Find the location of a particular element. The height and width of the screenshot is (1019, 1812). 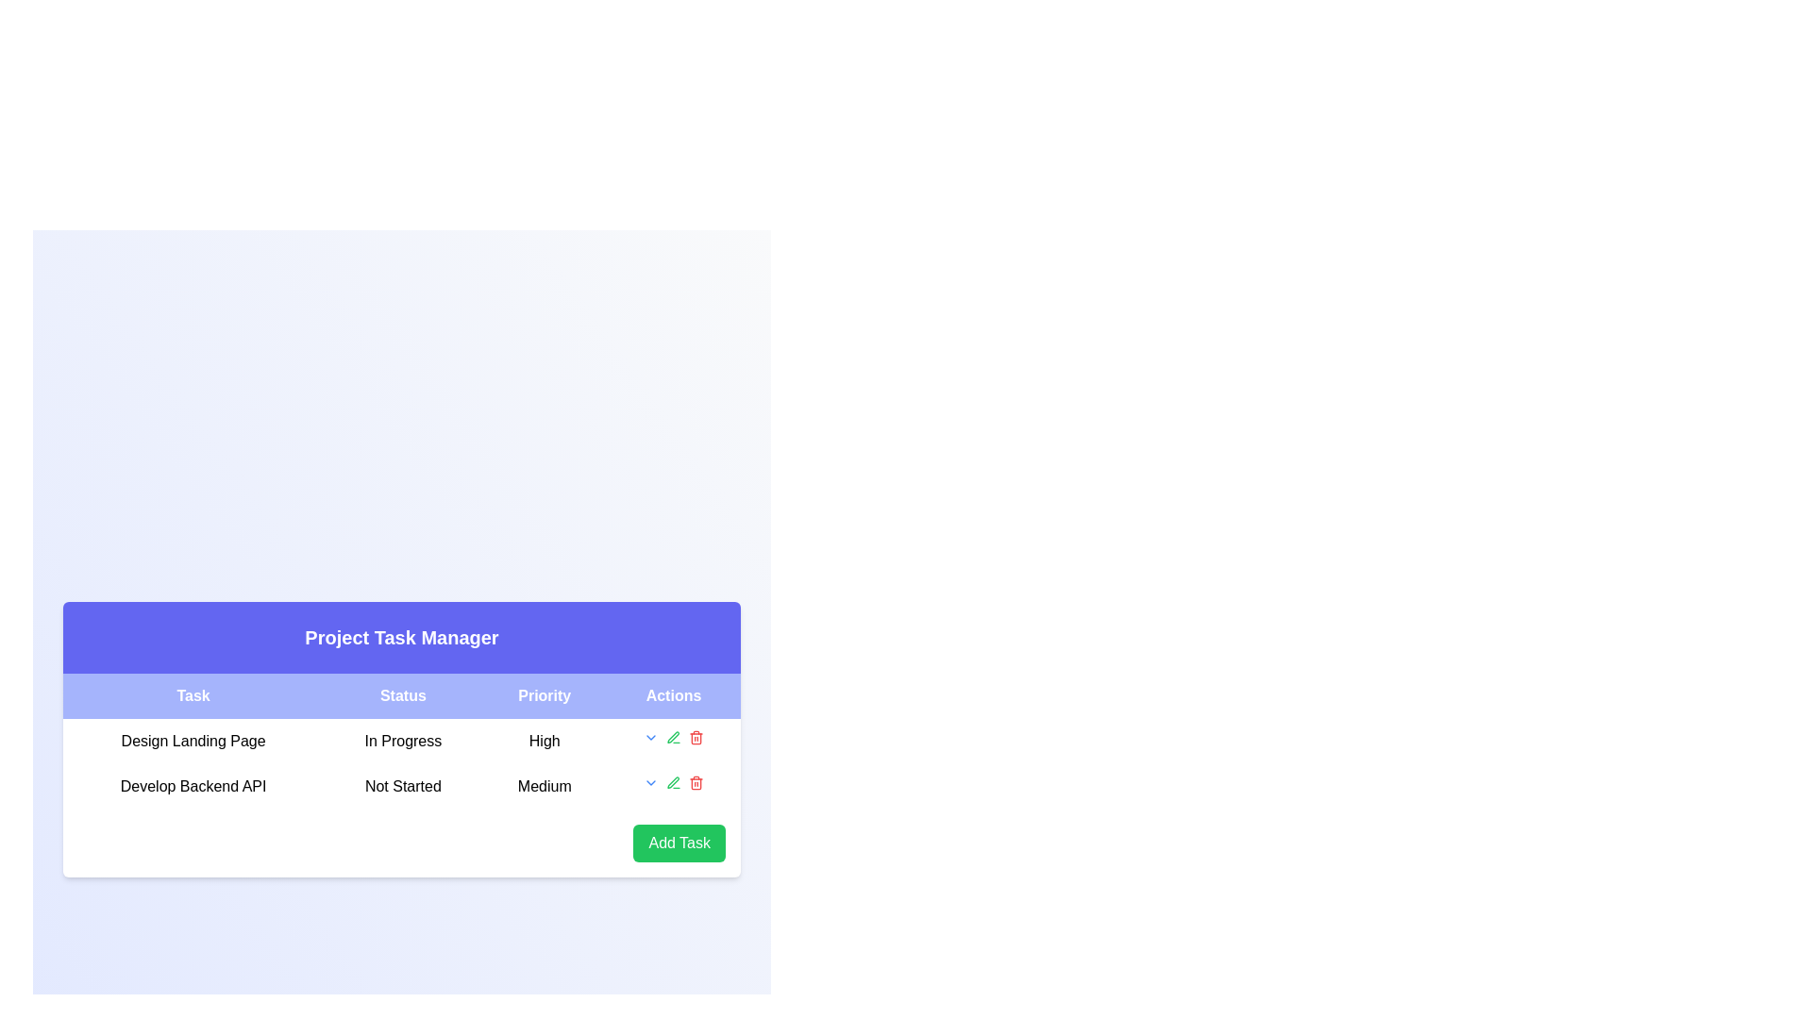

the label element displaying 'Develop Backend API' in bold font, located in the first column of the second row of the table structure is located at coordinates (193, 786).